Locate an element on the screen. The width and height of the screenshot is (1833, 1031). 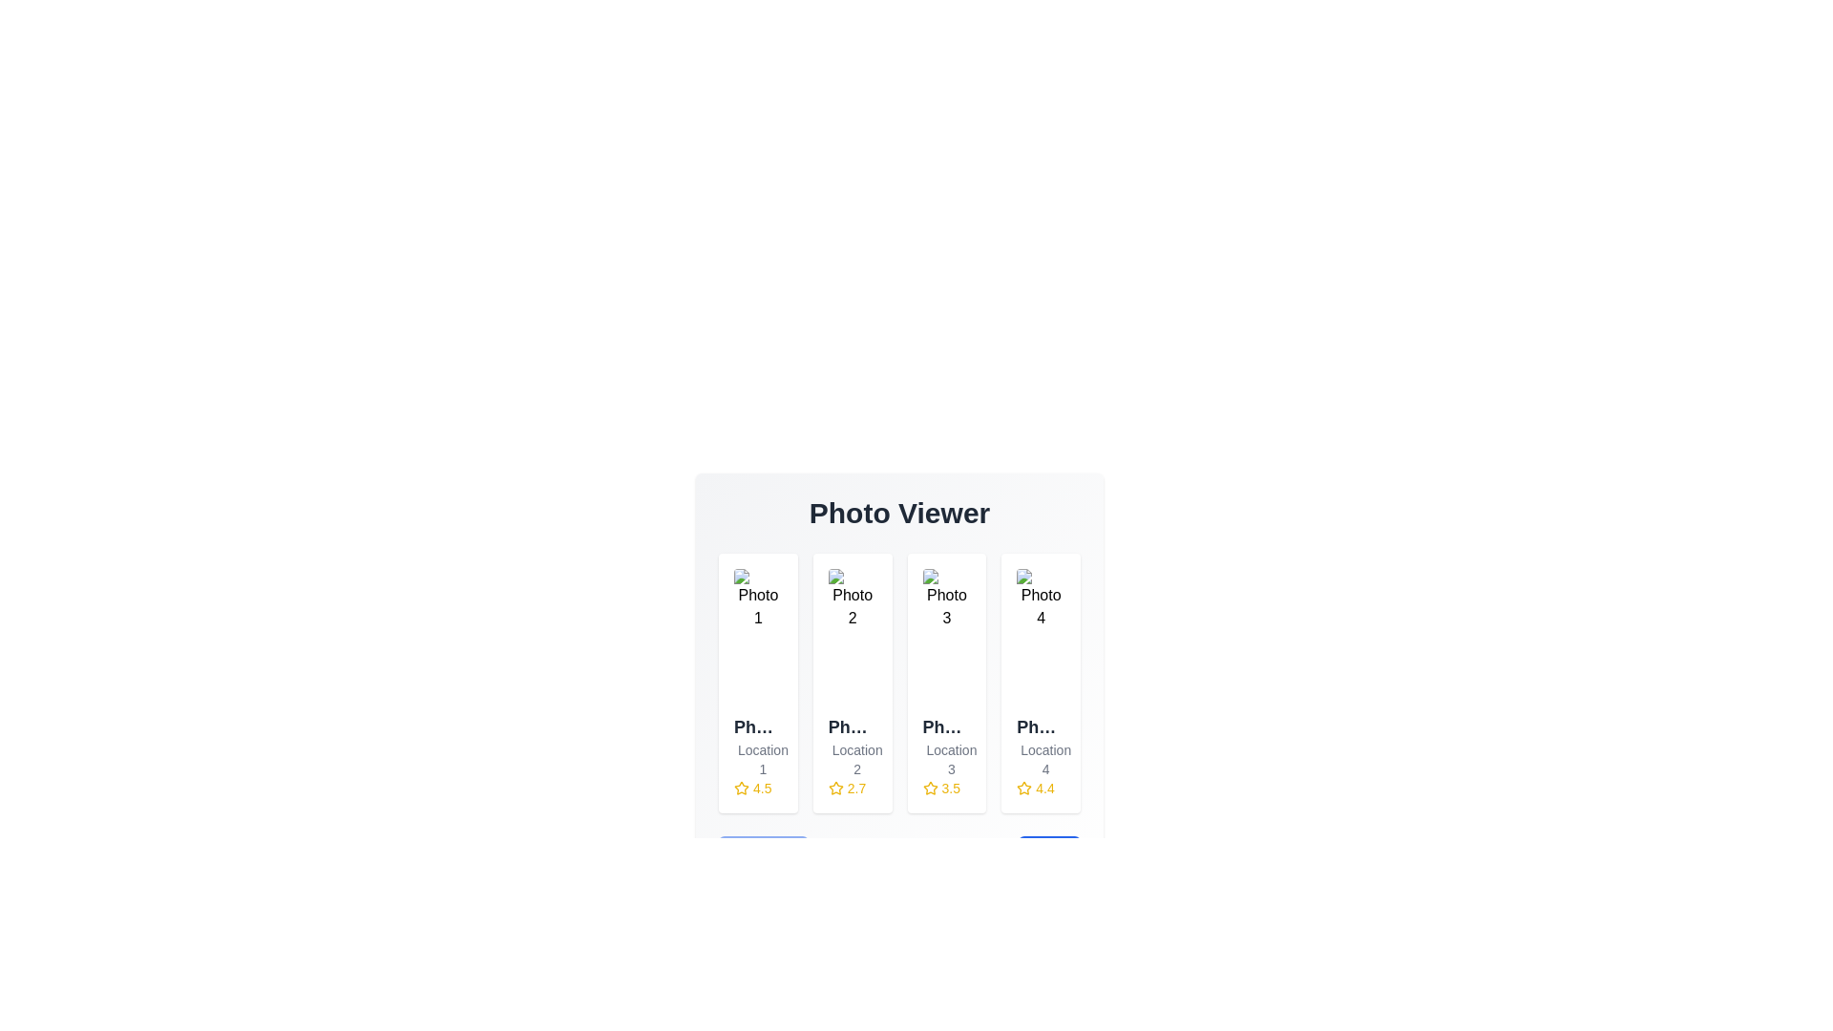
the image placeholder in the first column of the grid layout is located at coordinates (757, 637).